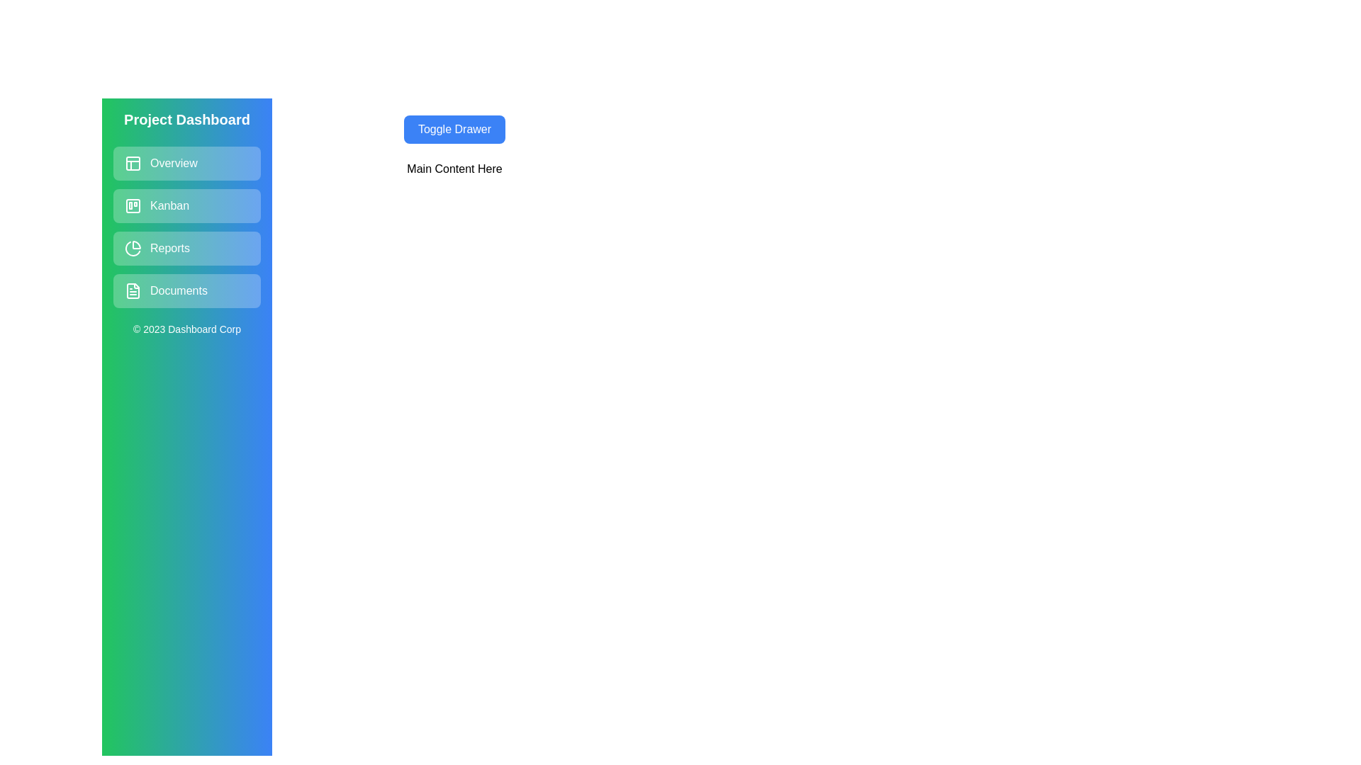 This screenshot has width=1361, height=765. What do you see at coordinates (186, 205) in the screenshot?
I see `the navigation item Kanban in the drawer` at bounding box center [186, 205].